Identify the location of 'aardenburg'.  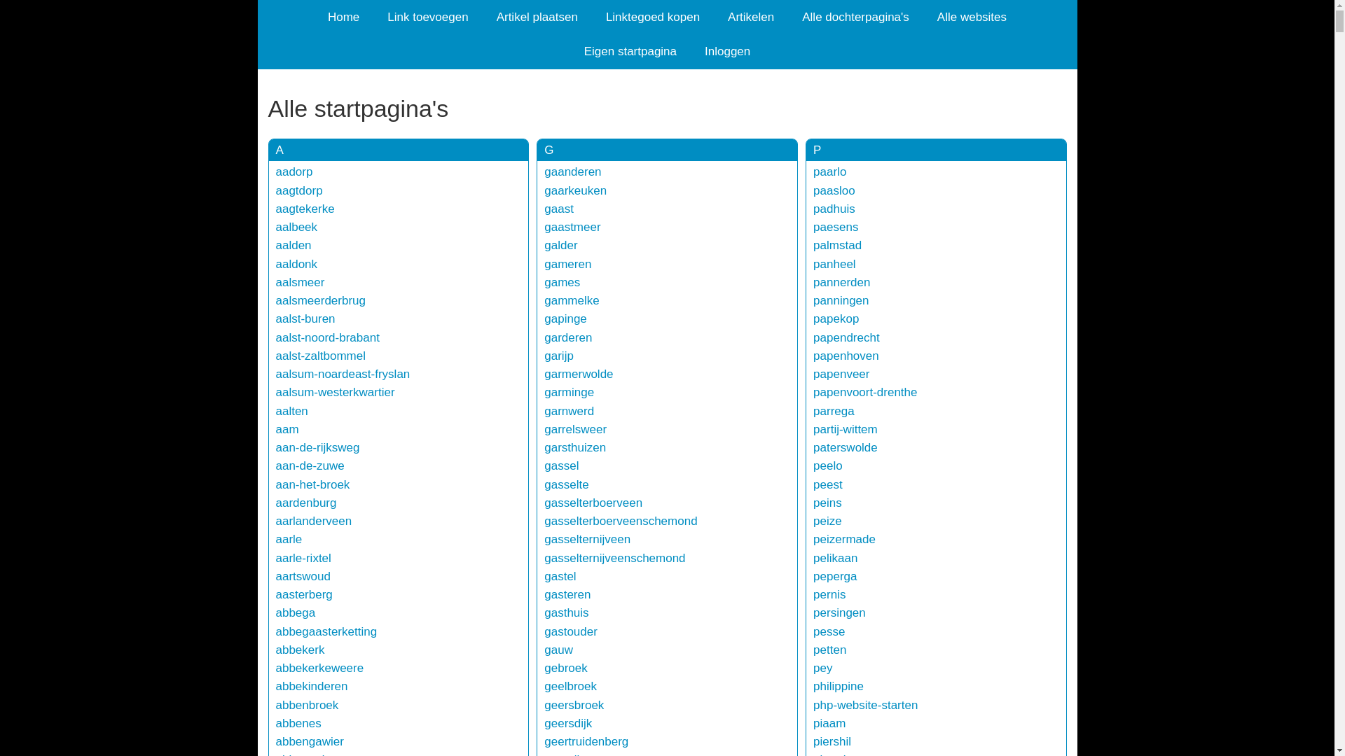
(305, 502).